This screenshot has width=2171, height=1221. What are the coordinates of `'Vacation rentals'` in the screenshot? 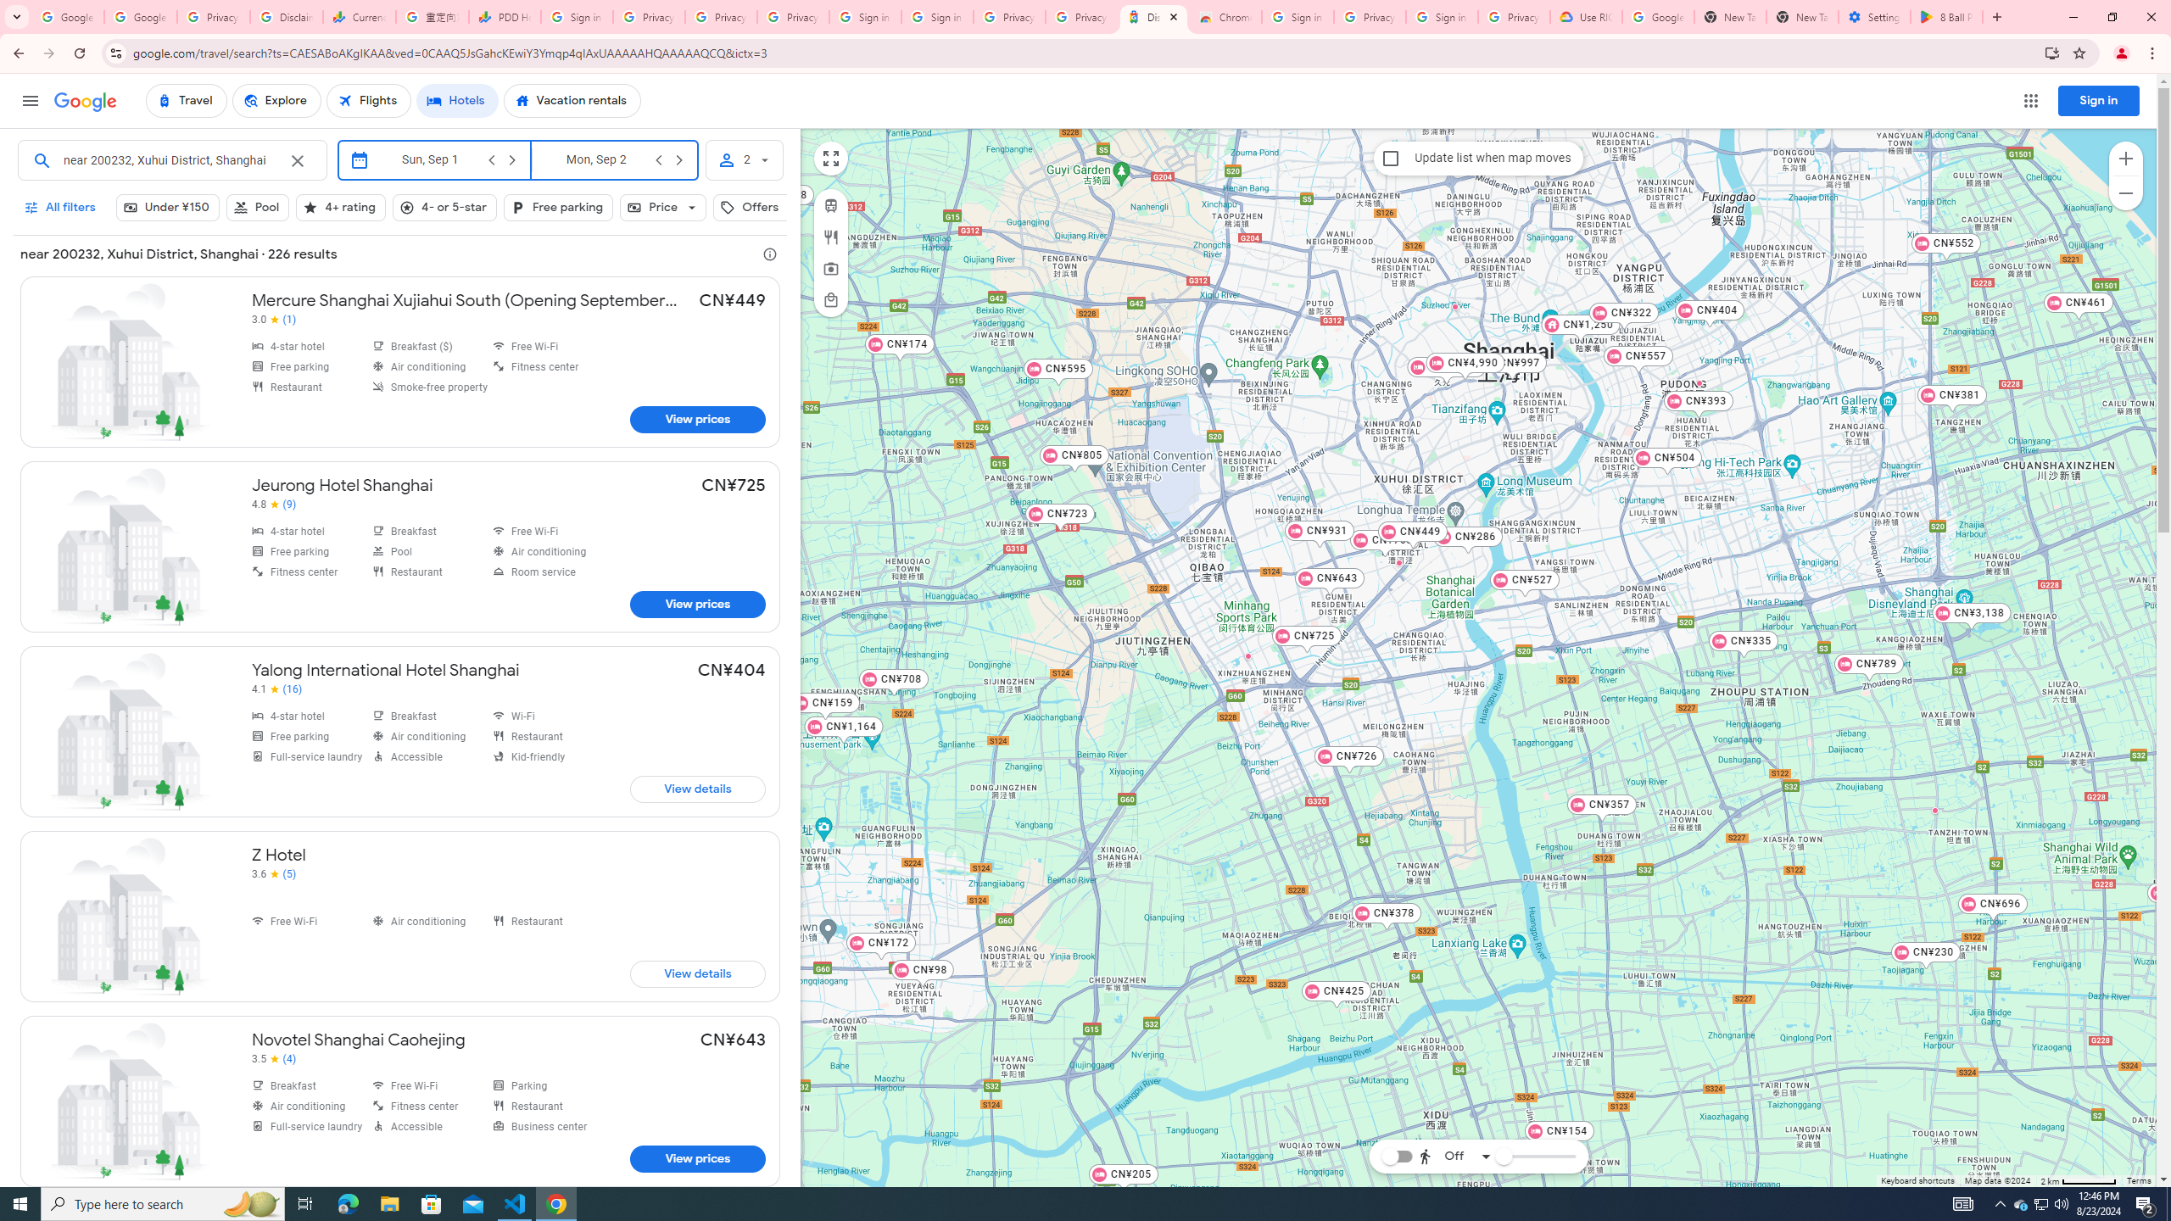 It's located at (572, 100).